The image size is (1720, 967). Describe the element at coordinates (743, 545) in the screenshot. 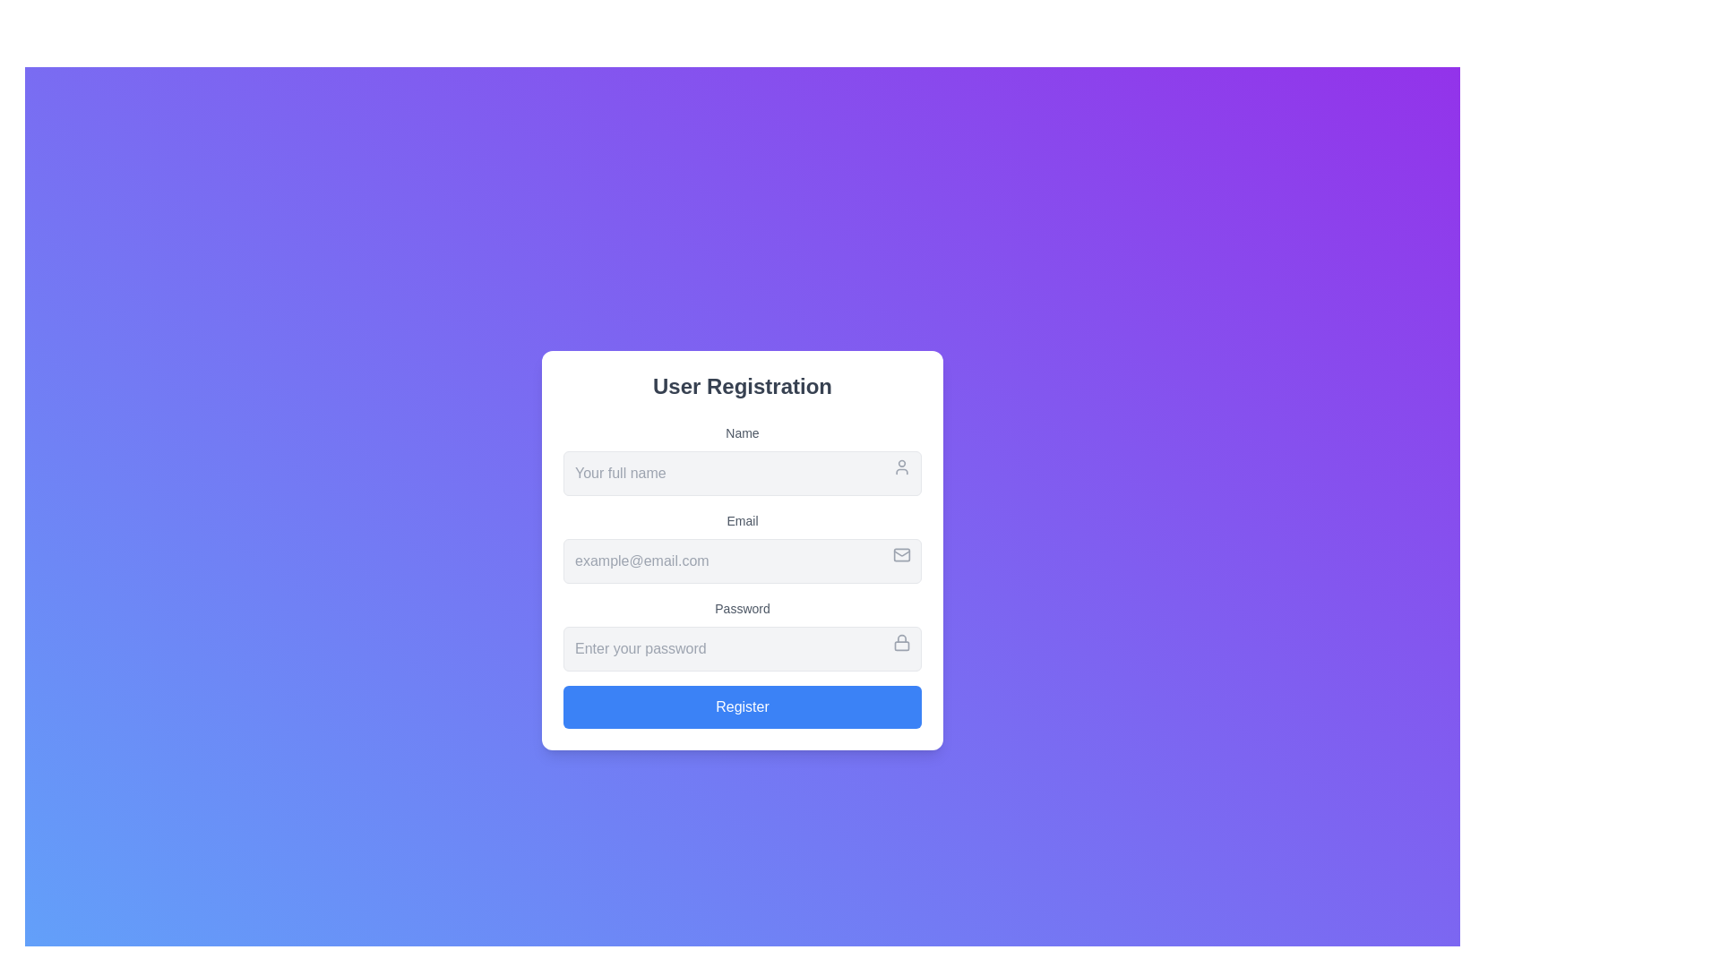

I see `the Email input field located below the Name input field to focus on it` at that location.